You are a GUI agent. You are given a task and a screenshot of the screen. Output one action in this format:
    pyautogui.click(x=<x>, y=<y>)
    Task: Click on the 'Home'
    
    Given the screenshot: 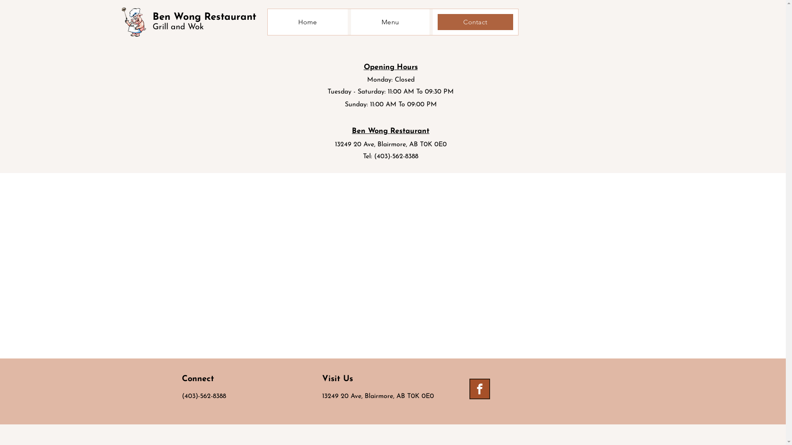 What is the action you would take?
    pyautogui.click(x=306, y=21)
    